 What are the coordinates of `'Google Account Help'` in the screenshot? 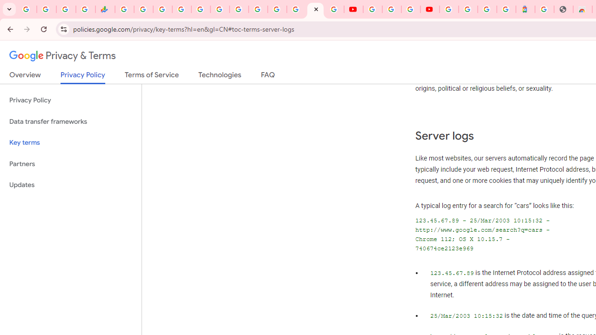 It's located at (391, 9).